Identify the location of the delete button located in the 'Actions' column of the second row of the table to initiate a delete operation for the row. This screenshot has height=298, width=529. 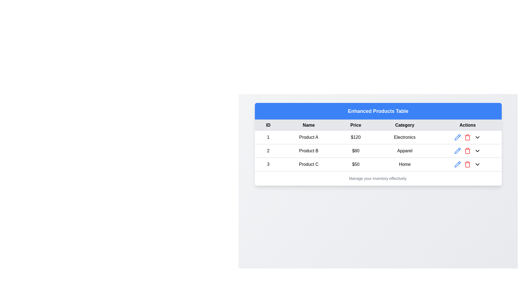
(467, 151).